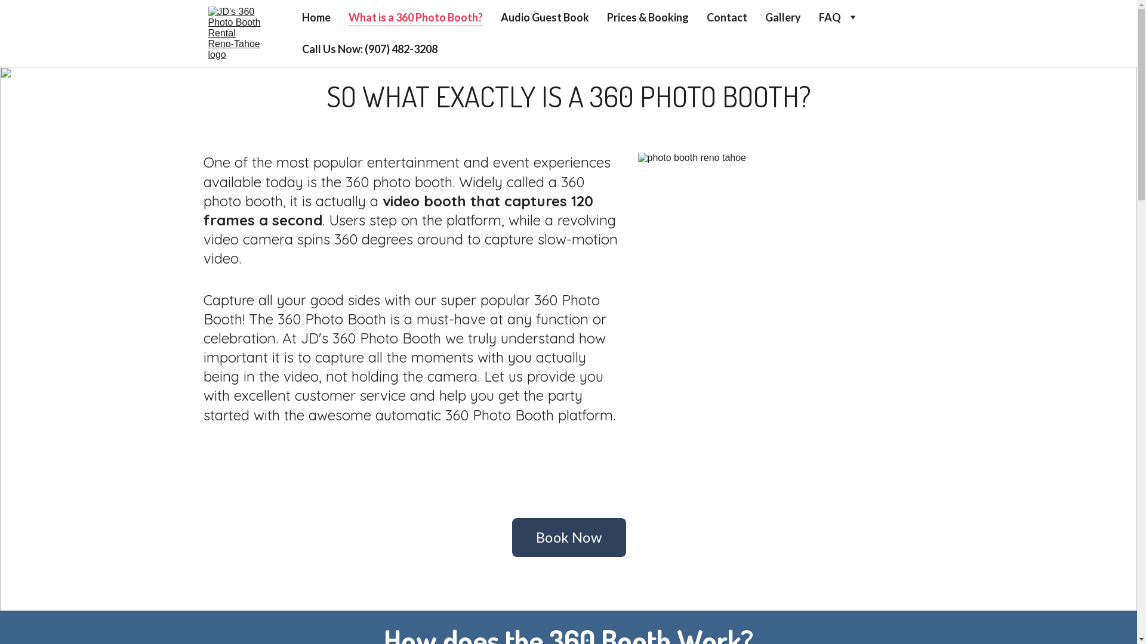 The width and height of the screenshot is (1146, 644). Describe the element at coordinates (415, 17) in the screenshot. I see `'What is a 360 Photo Booth?'` at that location.